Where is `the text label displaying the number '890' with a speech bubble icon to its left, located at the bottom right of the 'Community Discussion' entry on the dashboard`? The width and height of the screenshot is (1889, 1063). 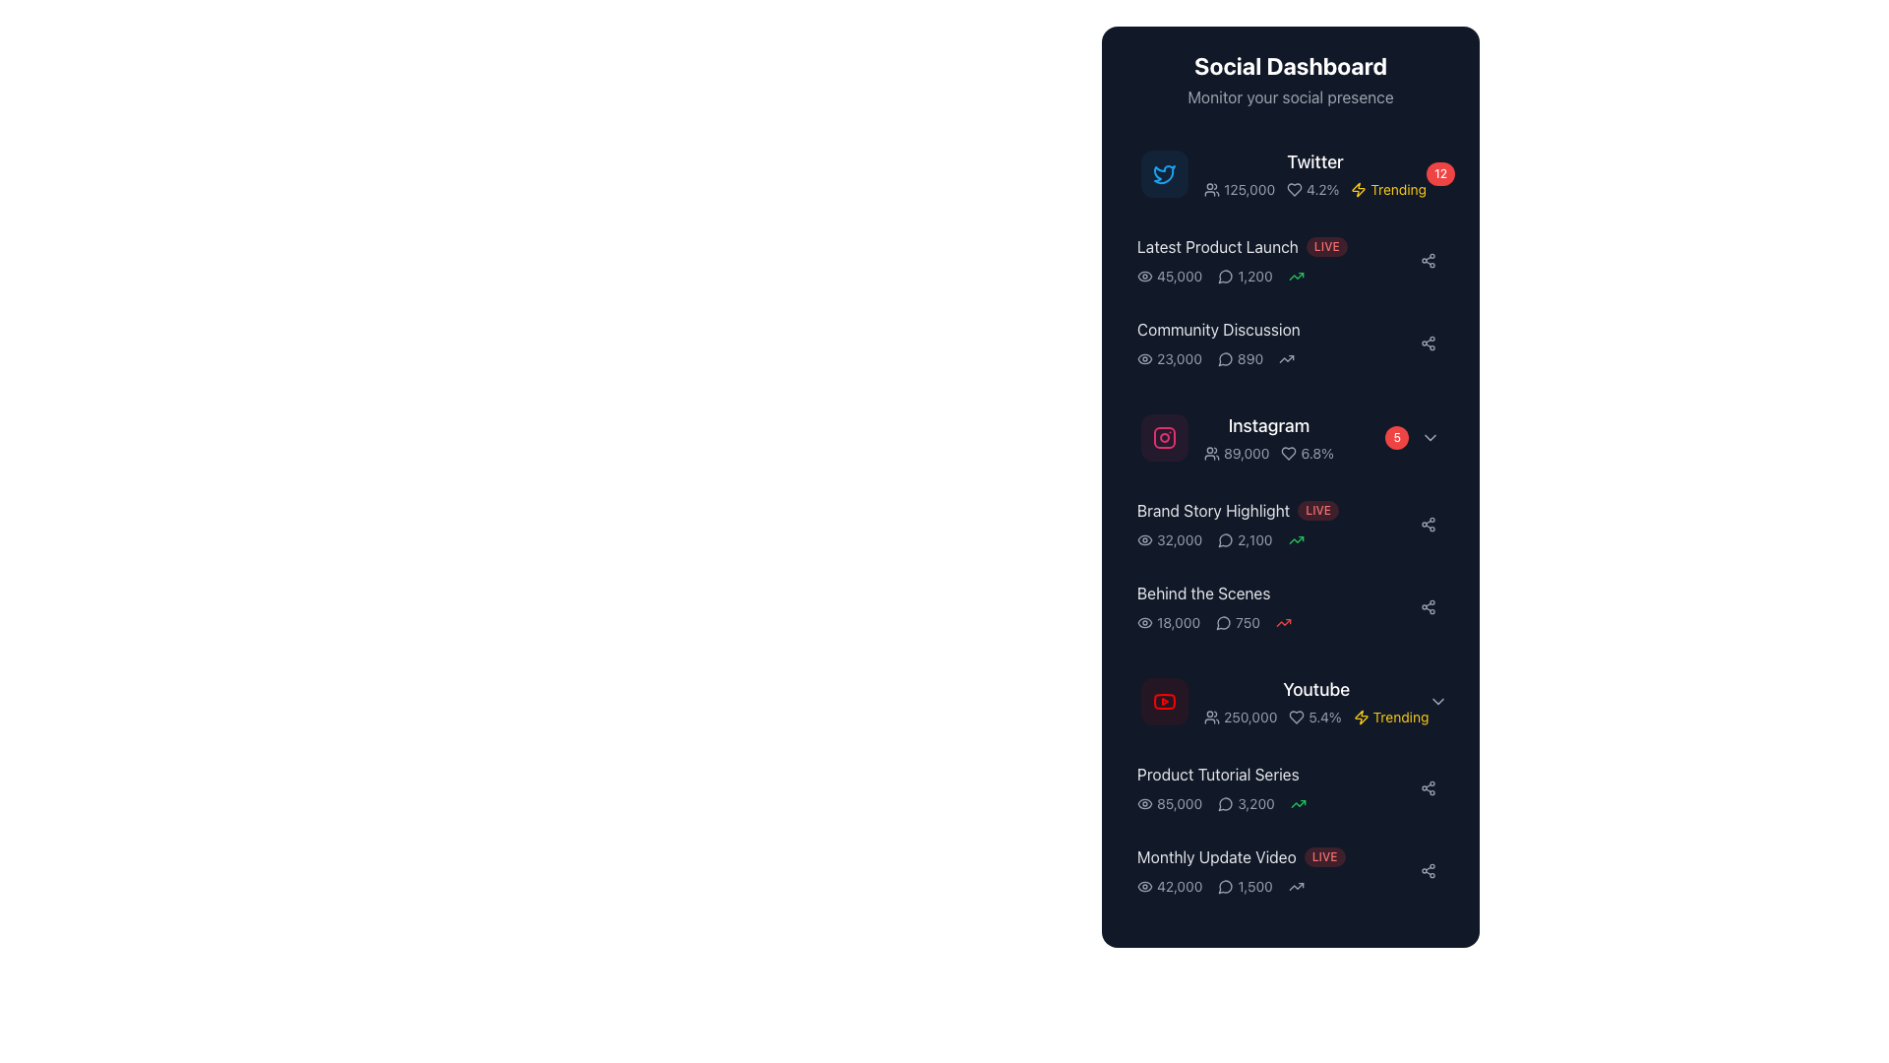 the text label displaying the number '890' with a speech bubble icon to its left, located at the bottom right of the 'Community Discussion' entry on the dashboard is located at coordinates (1240, 359).